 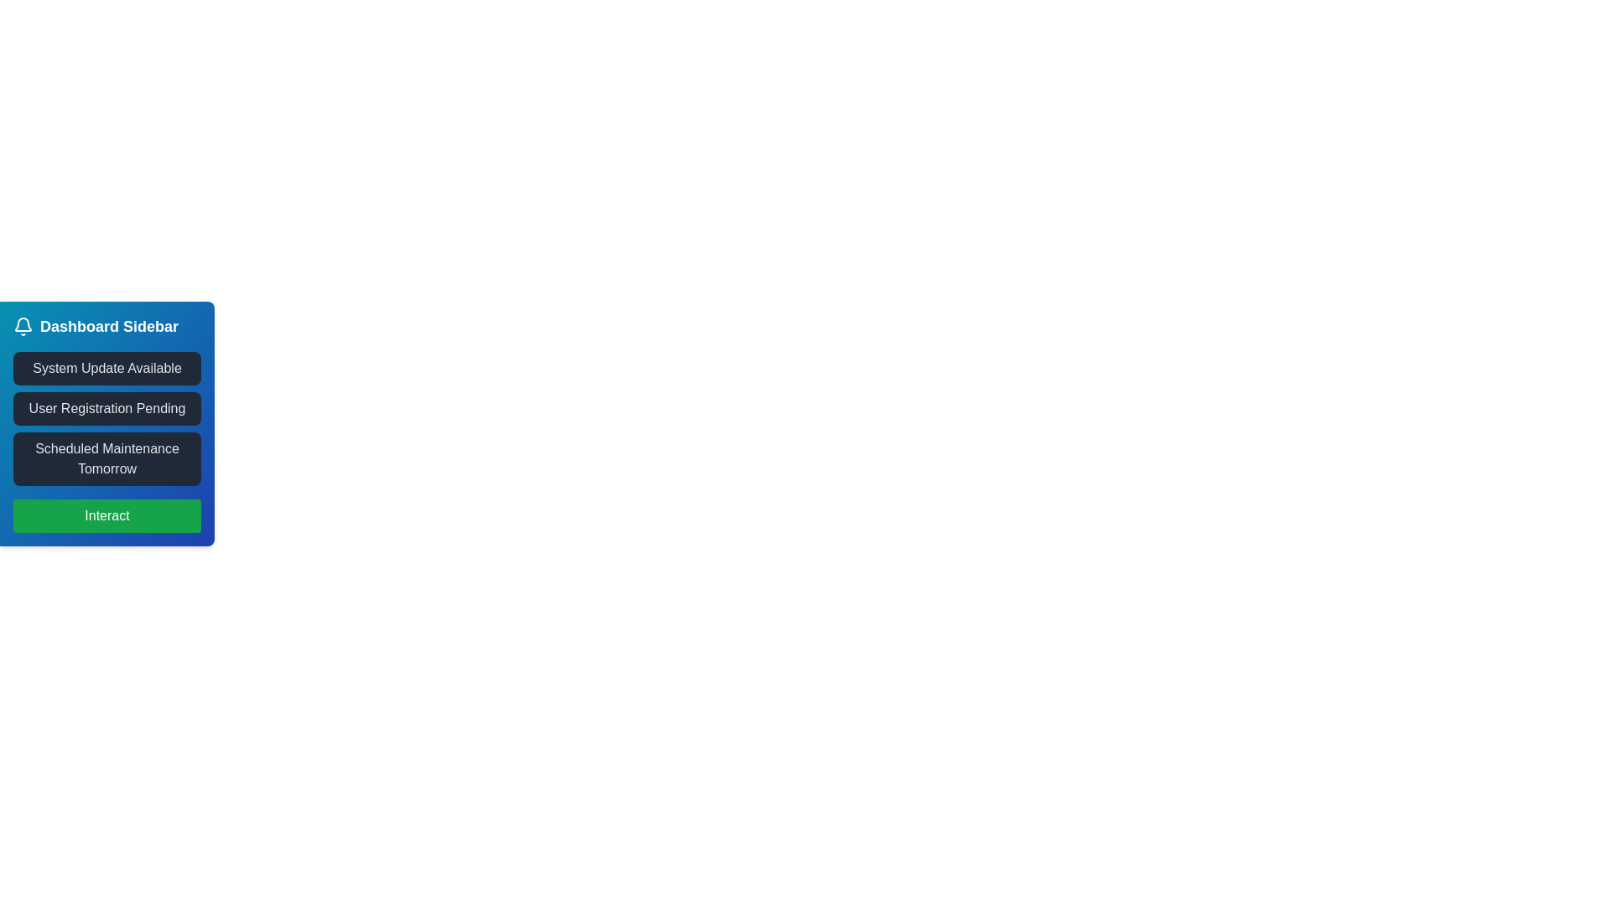 What do you see at coordinates (23, 326) in the screenshot?
I see `the bell icon located to the left of the 'Dashboard Sidebar' text in the sidebar` at bounding box center [23, 326].